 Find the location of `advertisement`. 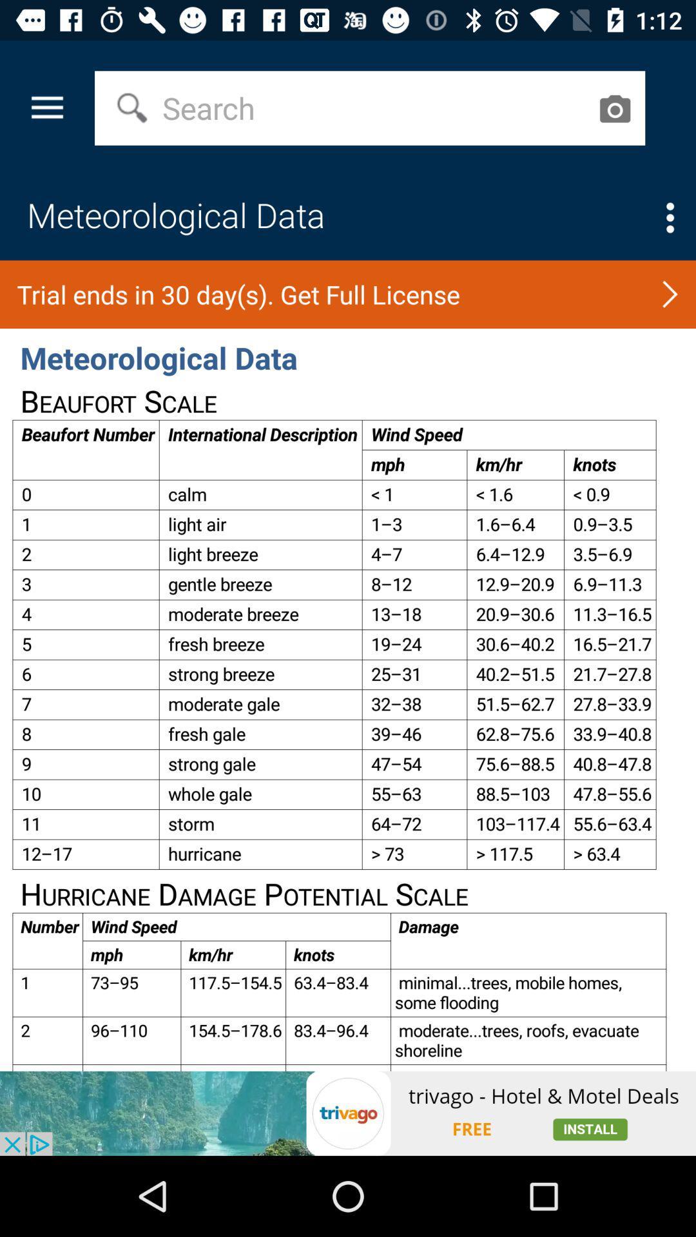

advertisement is located at coordinates (348, 1113).